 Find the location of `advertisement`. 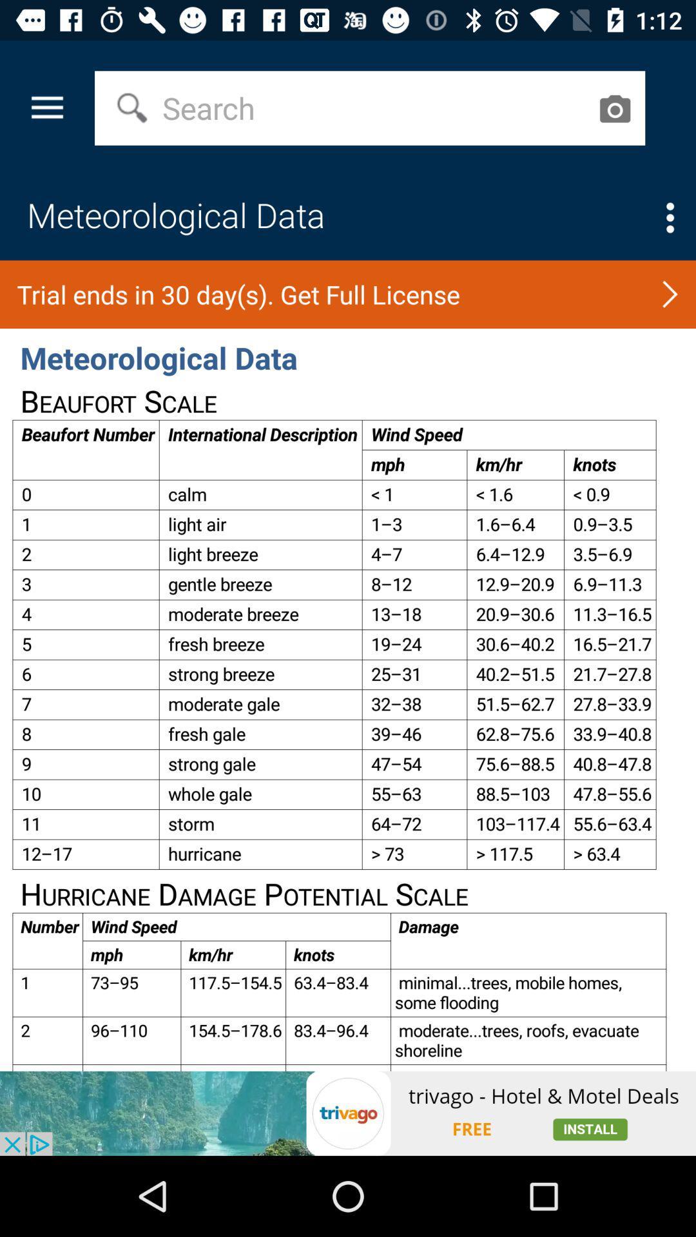

advertisement is located at coordinates (348, 1113).